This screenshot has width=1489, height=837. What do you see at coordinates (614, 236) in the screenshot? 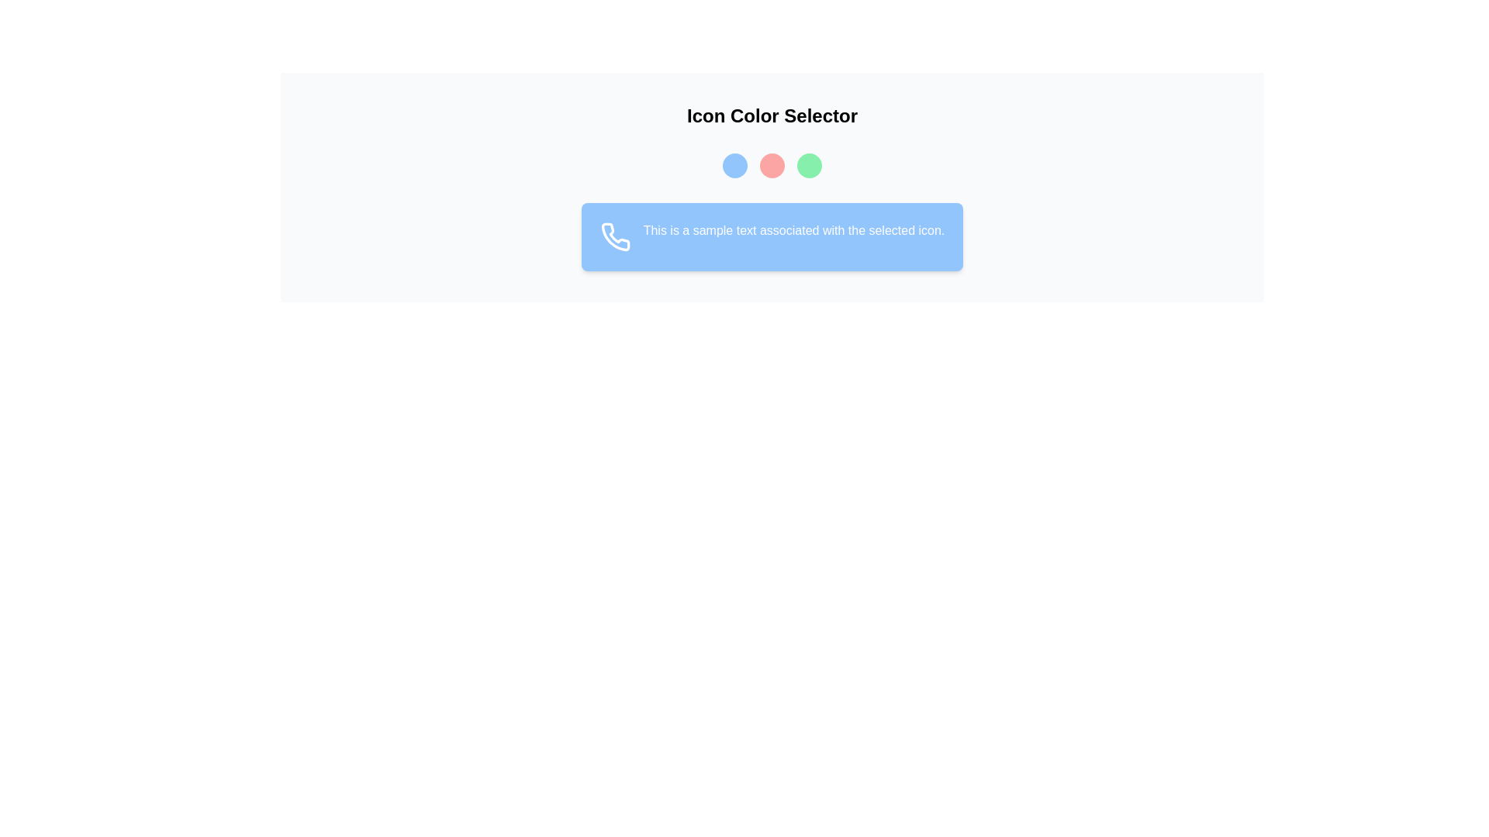
I see `the white phone receiver icon with a rounded outline, located on the leftmost side of the light blue background, next to the text 'This is a sample text associated with the selected icon.'` at bounding box center [614, 236].